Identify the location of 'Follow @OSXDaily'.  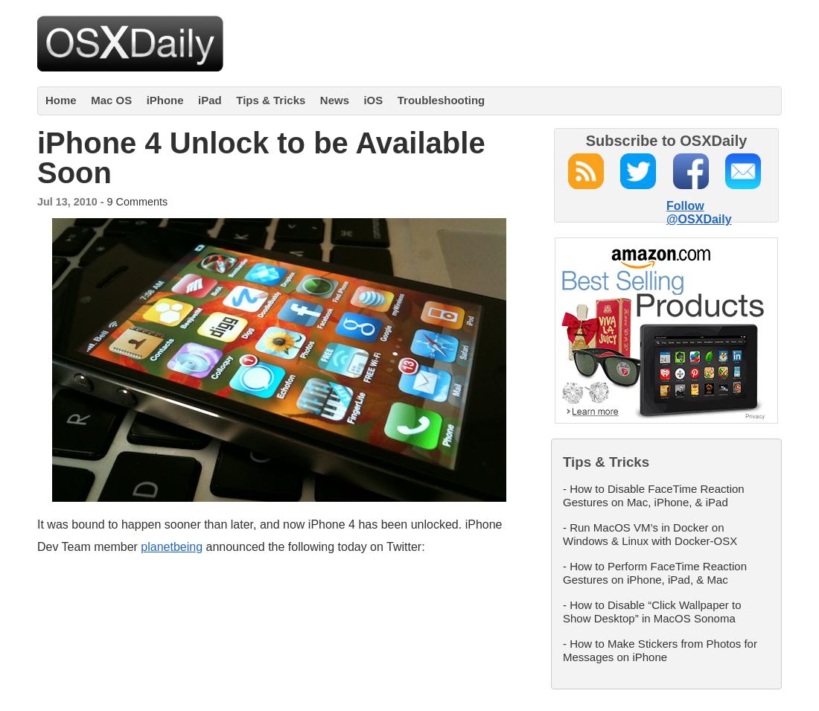
(698, 211).